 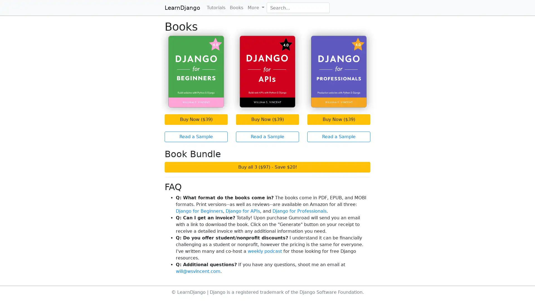 I want to click on Read a Sample, so click(x=196, y=137).